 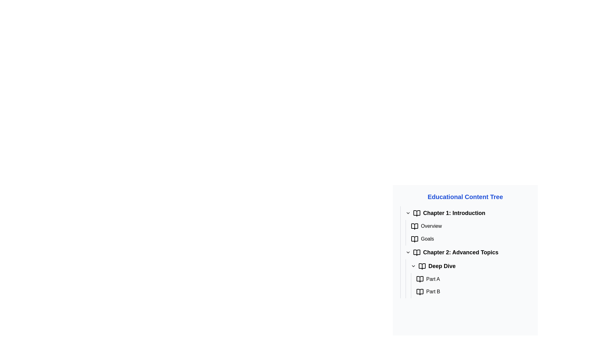 I want to click on the icon representing the 'Overview' section located to the left of the text label 'Overview' under 'Chapter 1: Introduction' in the 'Educational Content Tree', so click(x=414, y=226).